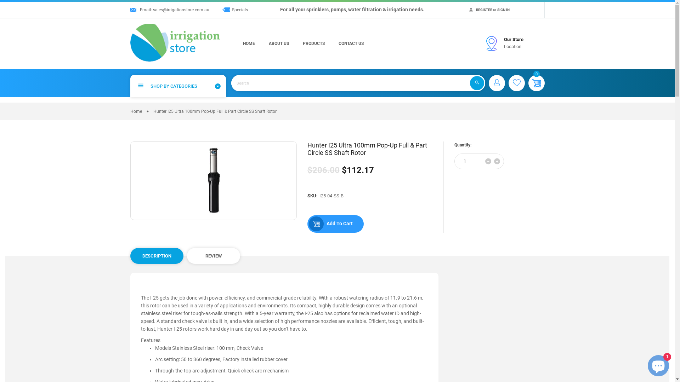 The image size is (680, 382). Describe the element at coordinates (136, 111) in the screenshot. I see `'Home'` at that location.